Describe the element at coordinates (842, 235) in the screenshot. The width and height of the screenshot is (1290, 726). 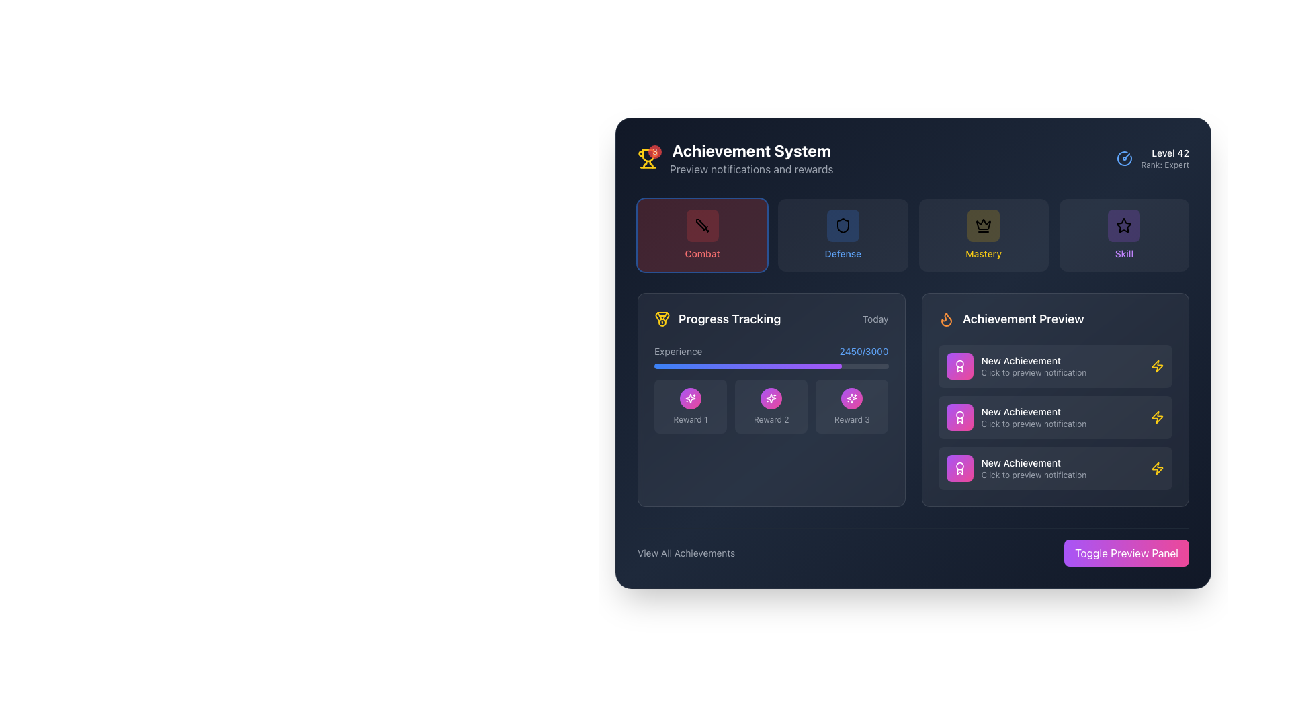
I see `the second interactive button labeled 'Defense' located between the 'Combat' button on the left and the 'Mastery' button on the right` at that location.